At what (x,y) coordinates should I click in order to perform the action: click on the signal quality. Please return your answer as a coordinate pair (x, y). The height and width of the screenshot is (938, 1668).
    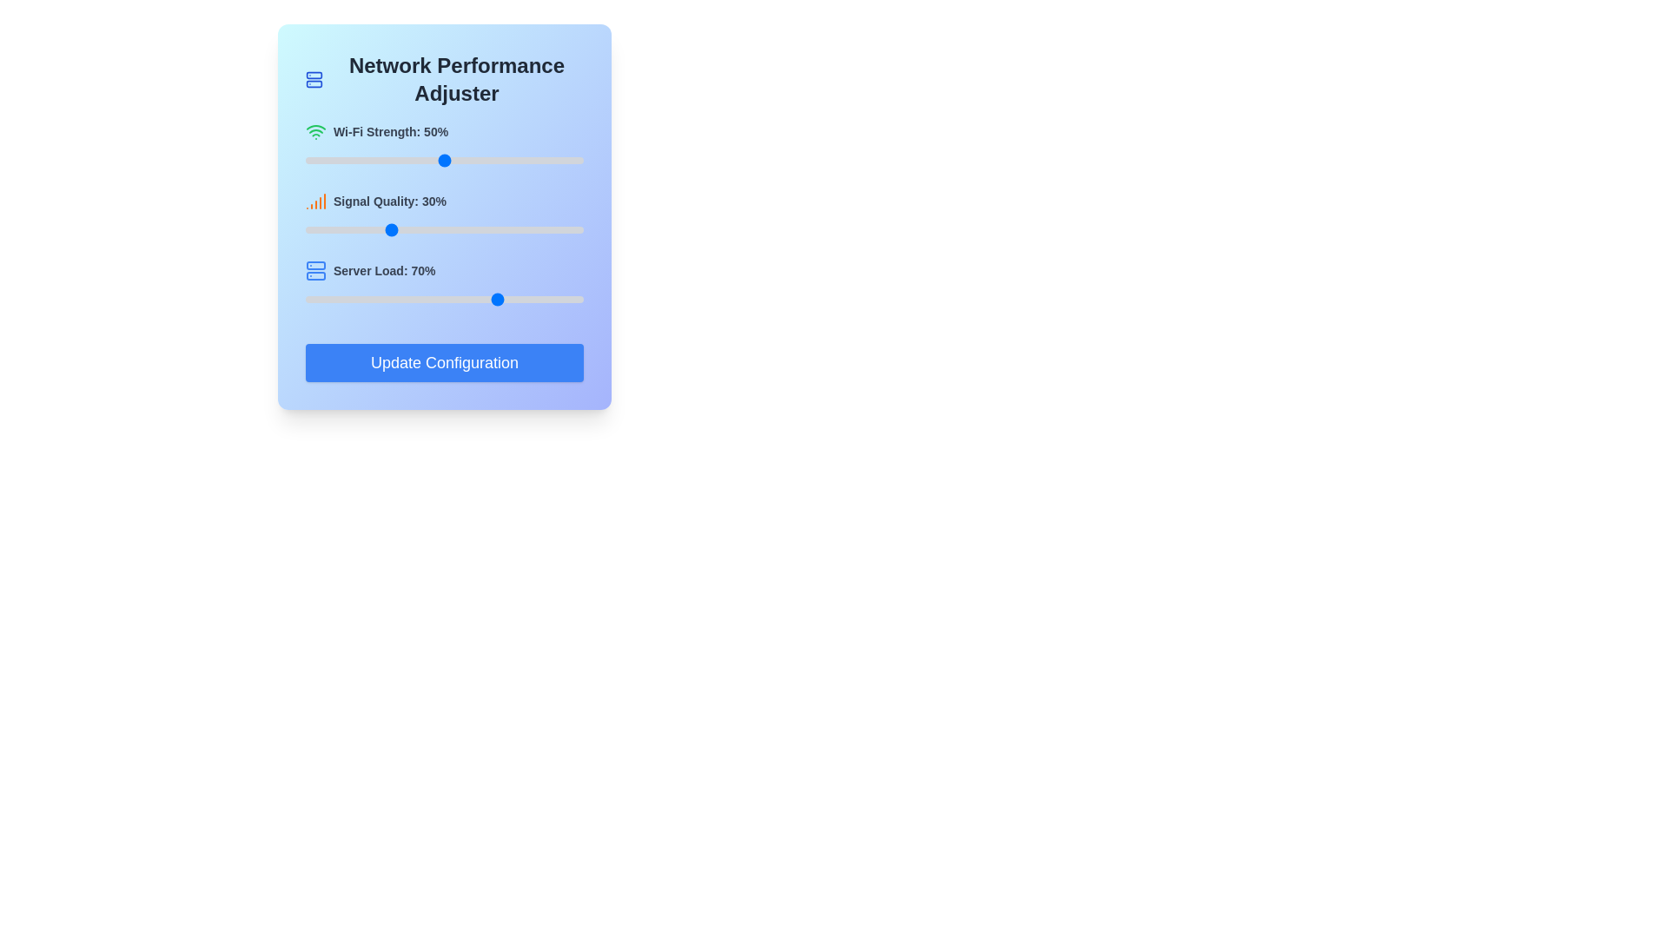
    Looking at the image, I should click on (459, 229).